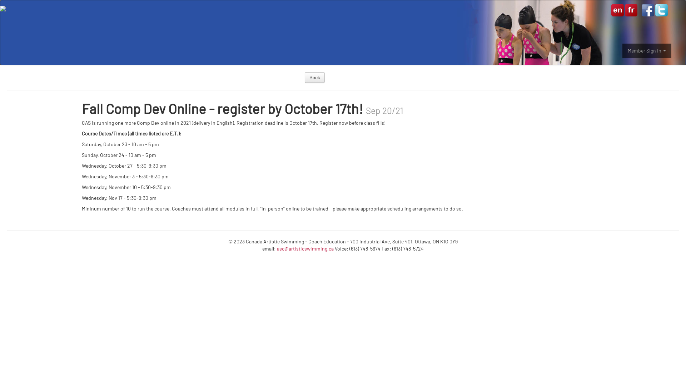 This screenshot has height=386, width=686. What do you see at coordinates (631, 9) in the screenshot?
I see `'Francais'` at bounding box center [631, 9].